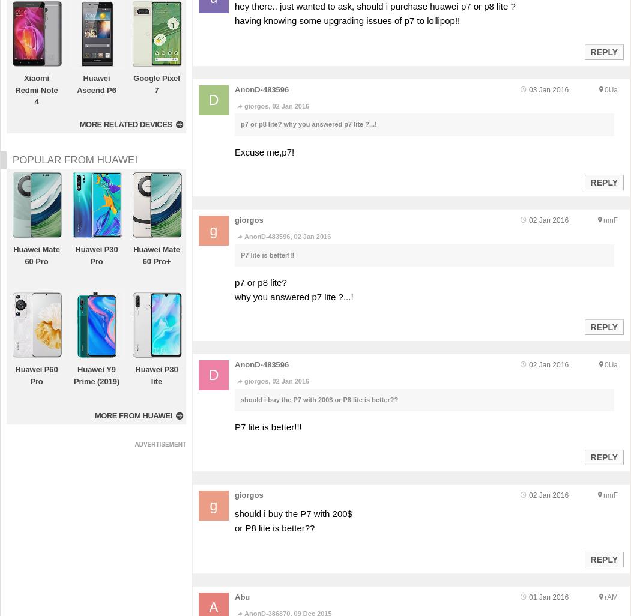 The image size is (631, 616). Describe the element at coordinates (156, 255) in the screenshot. I see `'Huawei Mate 60 Pro+'` at that location.